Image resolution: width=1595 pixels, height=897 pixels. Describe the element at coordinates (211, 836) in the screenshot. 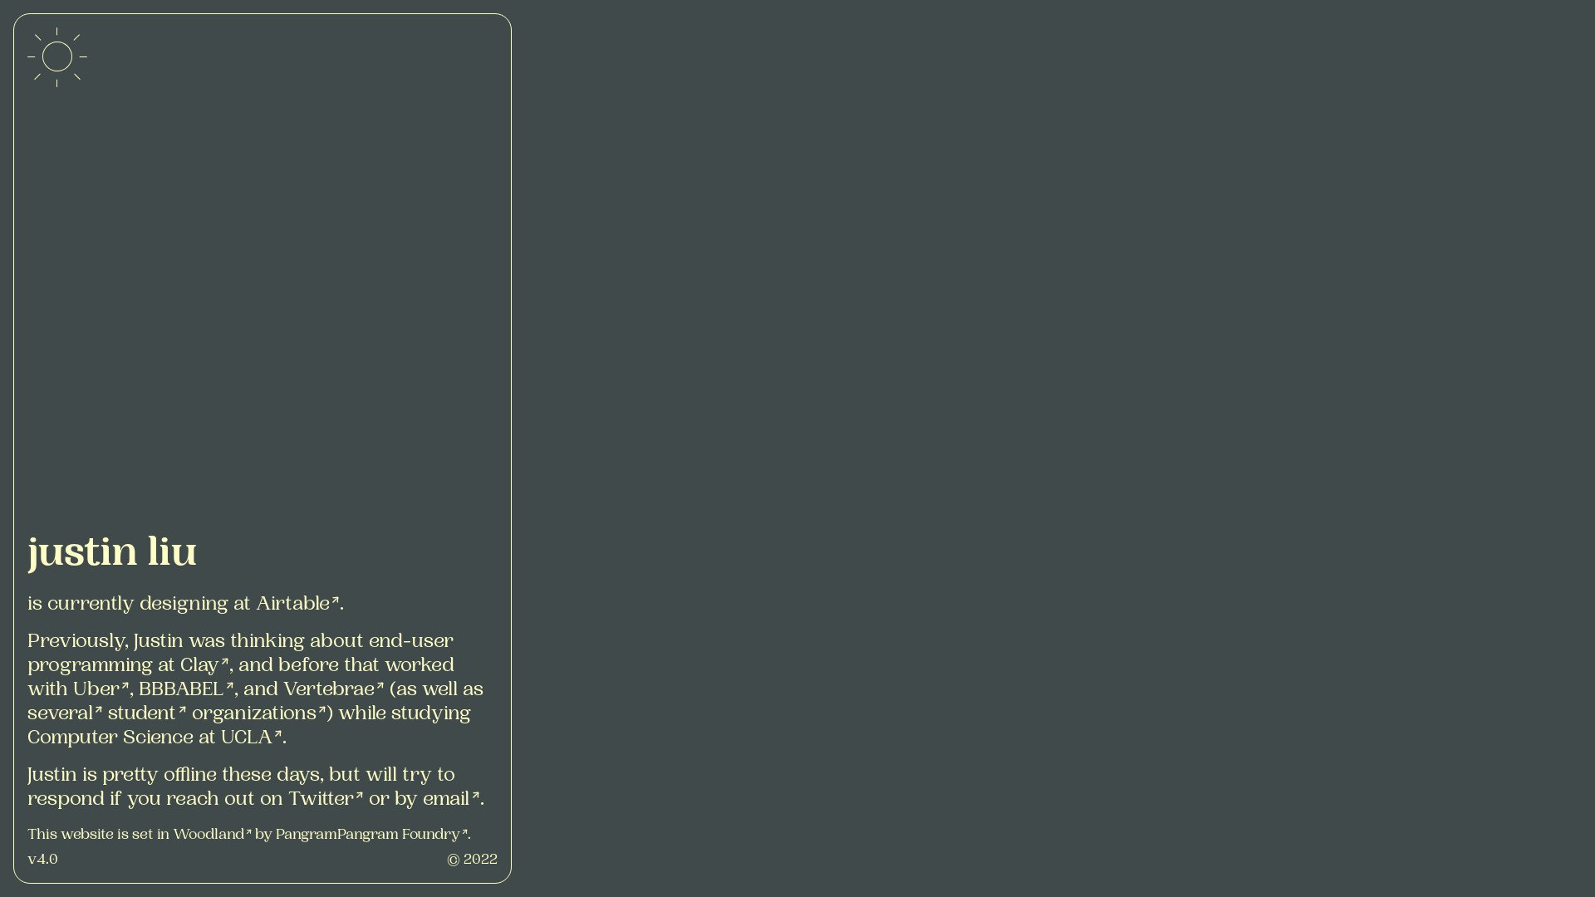

I see `'Woodland'` at that location.